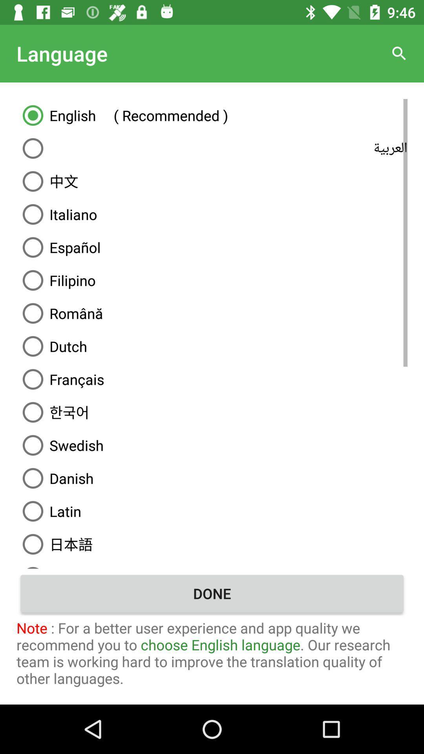  Describe the element at coordinates (212, 247) in the screenshot. I see `the text above filipino` at that location.